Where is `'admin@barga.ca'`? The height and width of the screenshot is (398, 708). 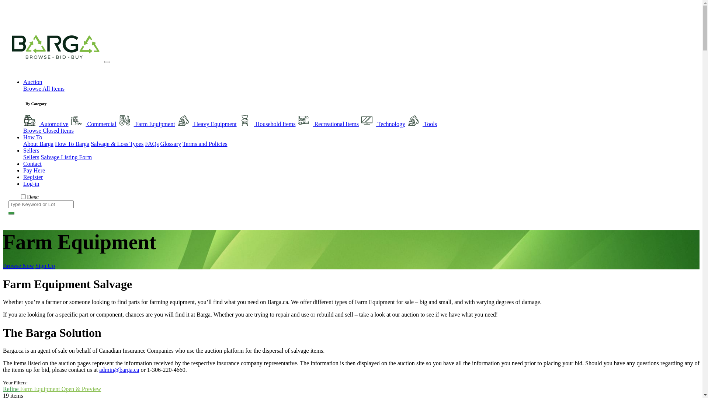 'admin@barga.ca' is located at coordinates (119, 370).